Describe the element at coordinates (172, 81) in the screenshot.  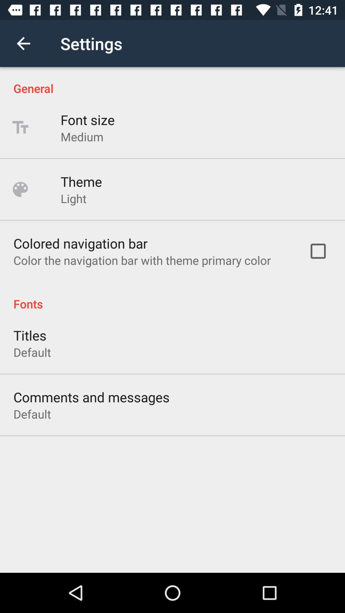
I see `the general` at that location.